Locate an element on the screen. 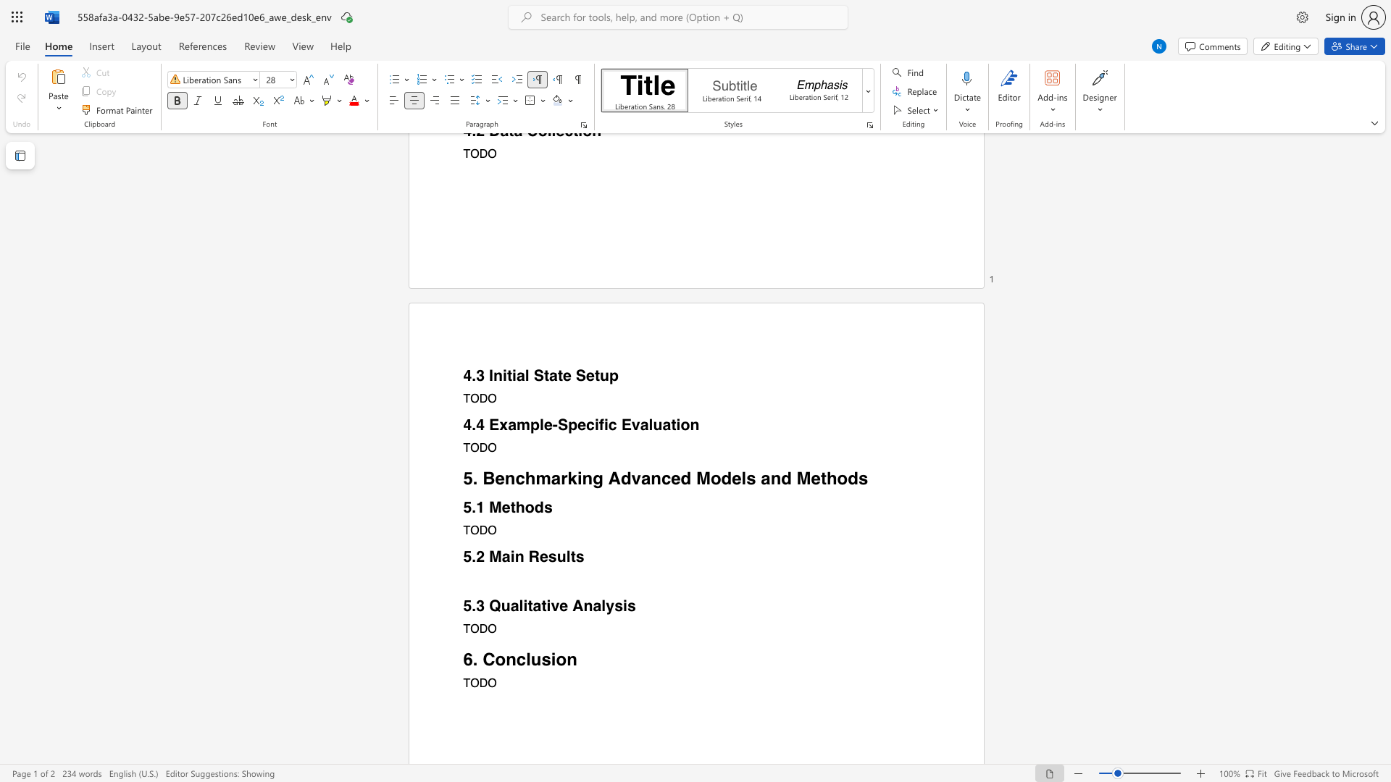 The height and width of the screenshot is (782, 1391). the subset text "5.3 Q" within the text "5.3 Qualitative Analysis" is located at coordinates (462, 606).